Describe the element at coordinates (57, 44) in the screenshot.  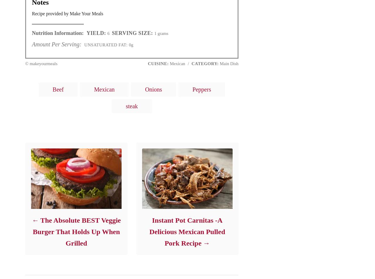
I see `'Amount Per Serving:'` at that location.